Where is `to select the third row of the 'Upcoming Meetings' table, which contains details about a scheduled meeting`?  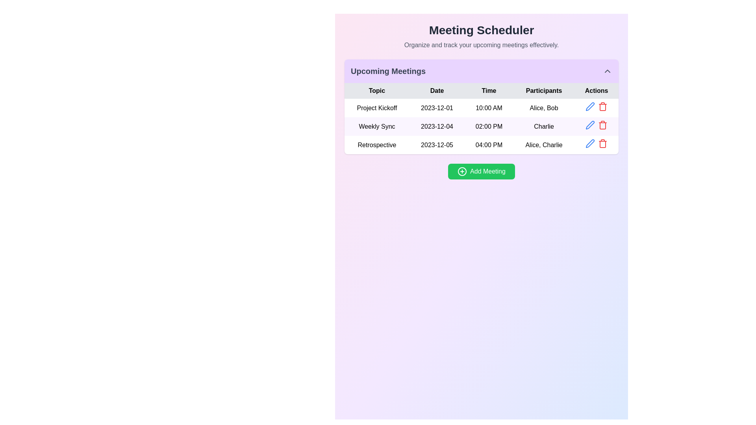 to select the third row of the 'Upcoming Meetings' table, which contains details about a scheduled meeting is located at coordinates (481, 144).